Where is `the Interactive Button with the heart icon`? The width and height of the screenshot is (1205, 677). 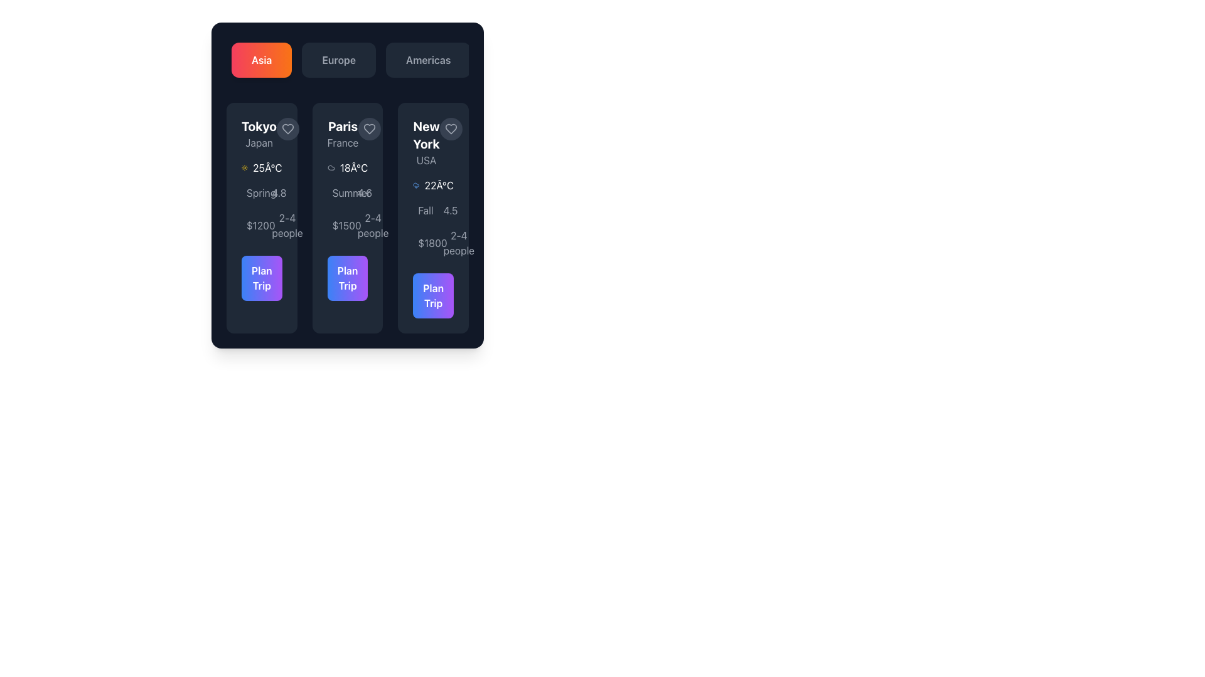 the Interactive Button with the heart icon is located at coordinates (369, 129).